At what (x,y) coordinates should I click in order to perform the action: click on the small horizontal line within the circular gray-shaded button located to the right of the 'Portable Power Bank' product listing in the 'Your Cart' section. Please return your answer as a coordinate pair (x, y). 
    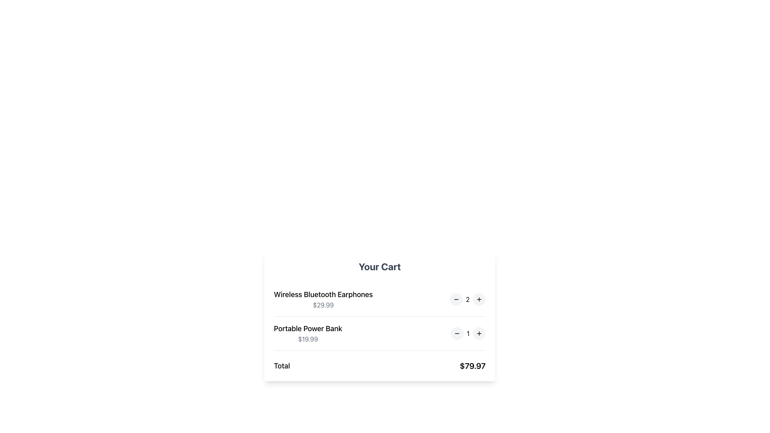
    Looking at the image, I should click on (457, 334).